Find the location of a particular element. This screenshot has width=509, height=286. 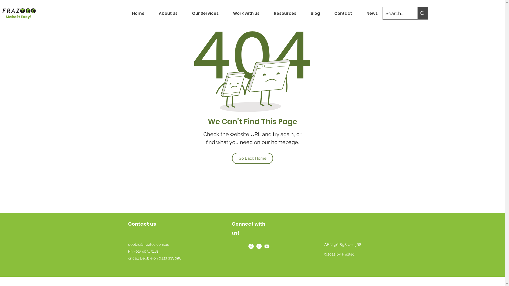

'Our Services' is located at coordinates (205, 13).